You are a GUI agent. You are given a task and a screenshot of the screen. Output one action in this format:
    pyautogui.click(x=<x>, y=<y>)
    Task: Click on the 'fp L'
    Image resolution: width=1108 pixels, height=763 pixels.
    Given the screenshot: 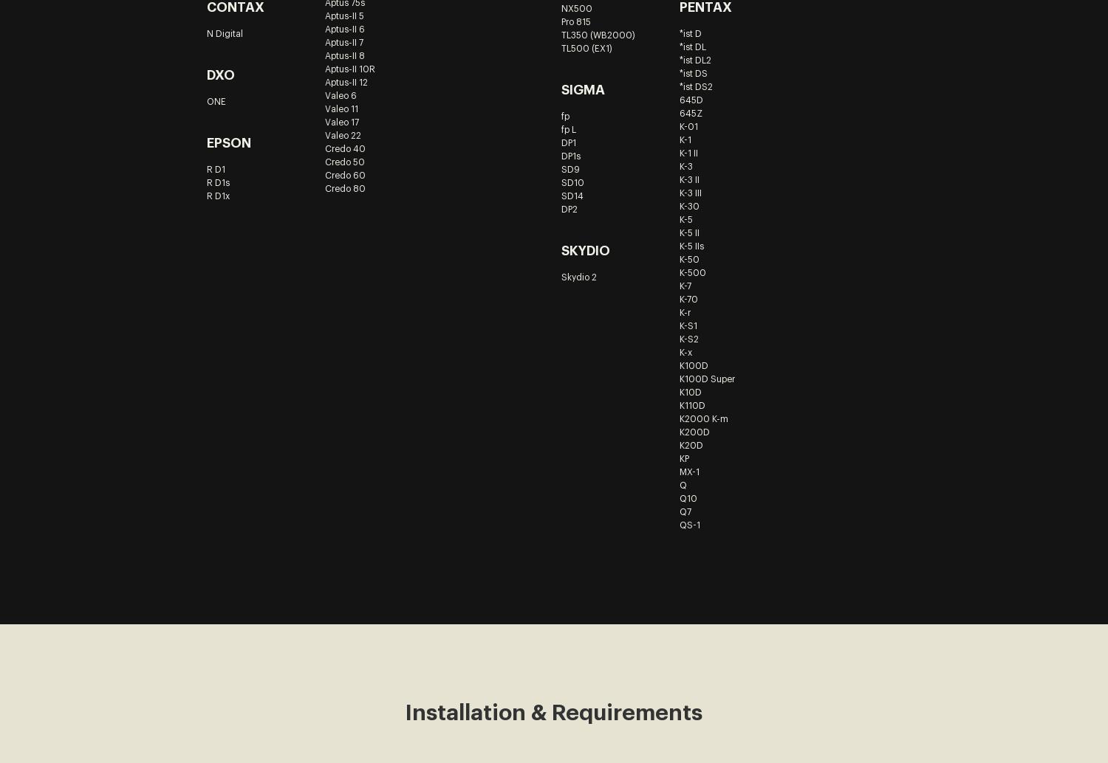 What is the action you would take?
    pyautogui.click(x=568, y=129)
    